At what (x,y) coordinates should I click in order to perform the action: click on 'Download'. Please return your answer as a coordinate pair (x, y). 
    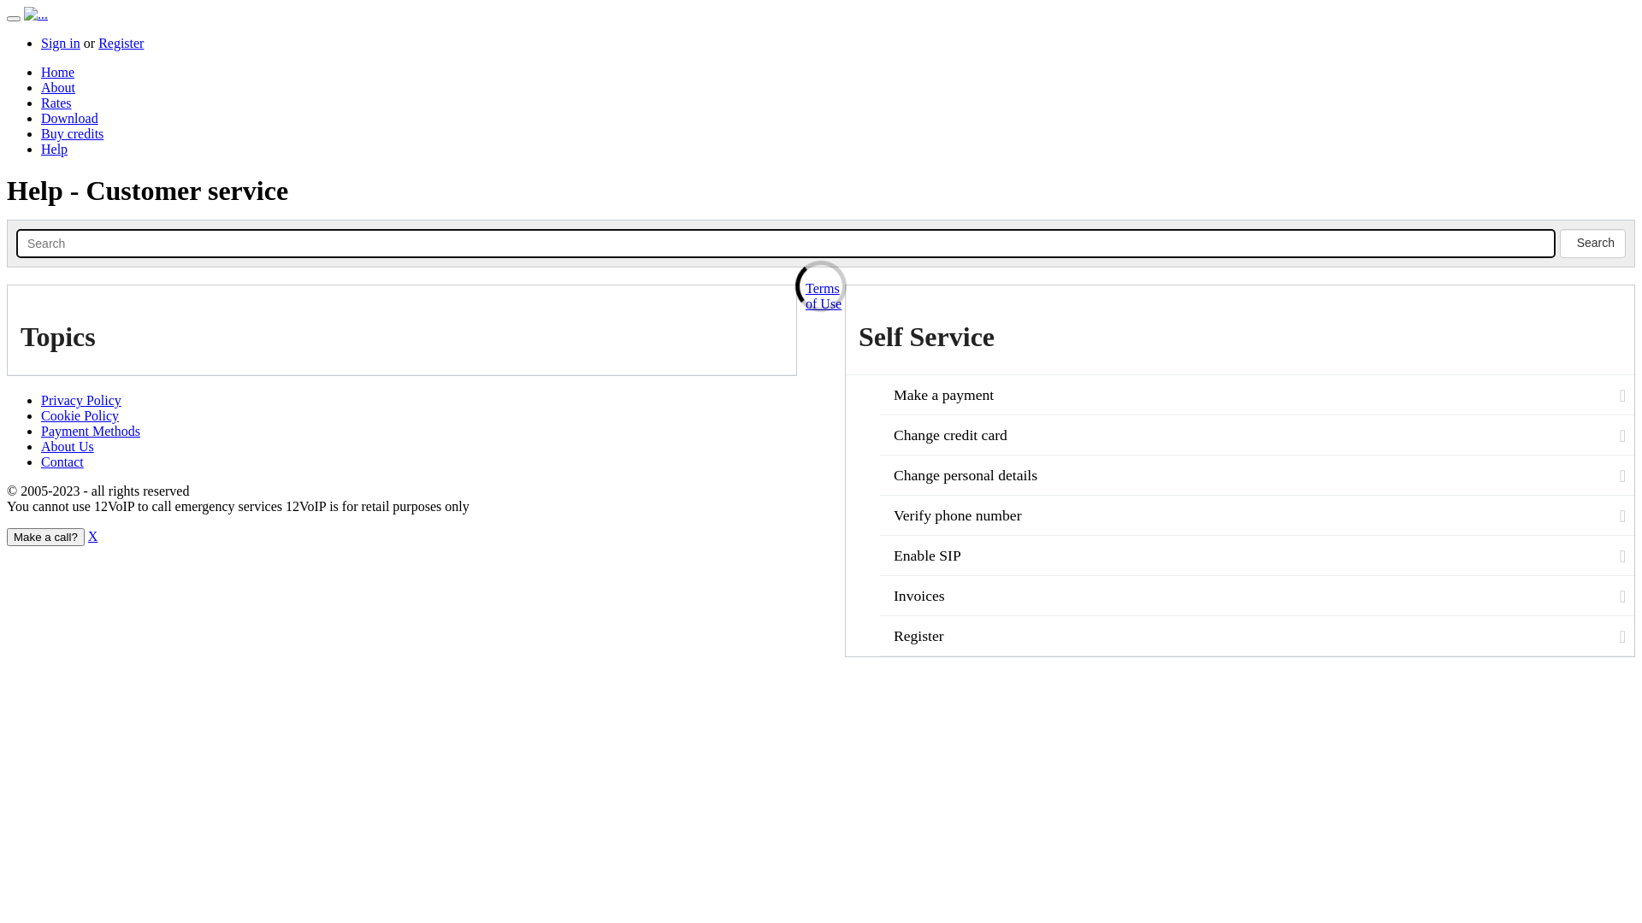
    Looking at the image, I should click on (68, 117).